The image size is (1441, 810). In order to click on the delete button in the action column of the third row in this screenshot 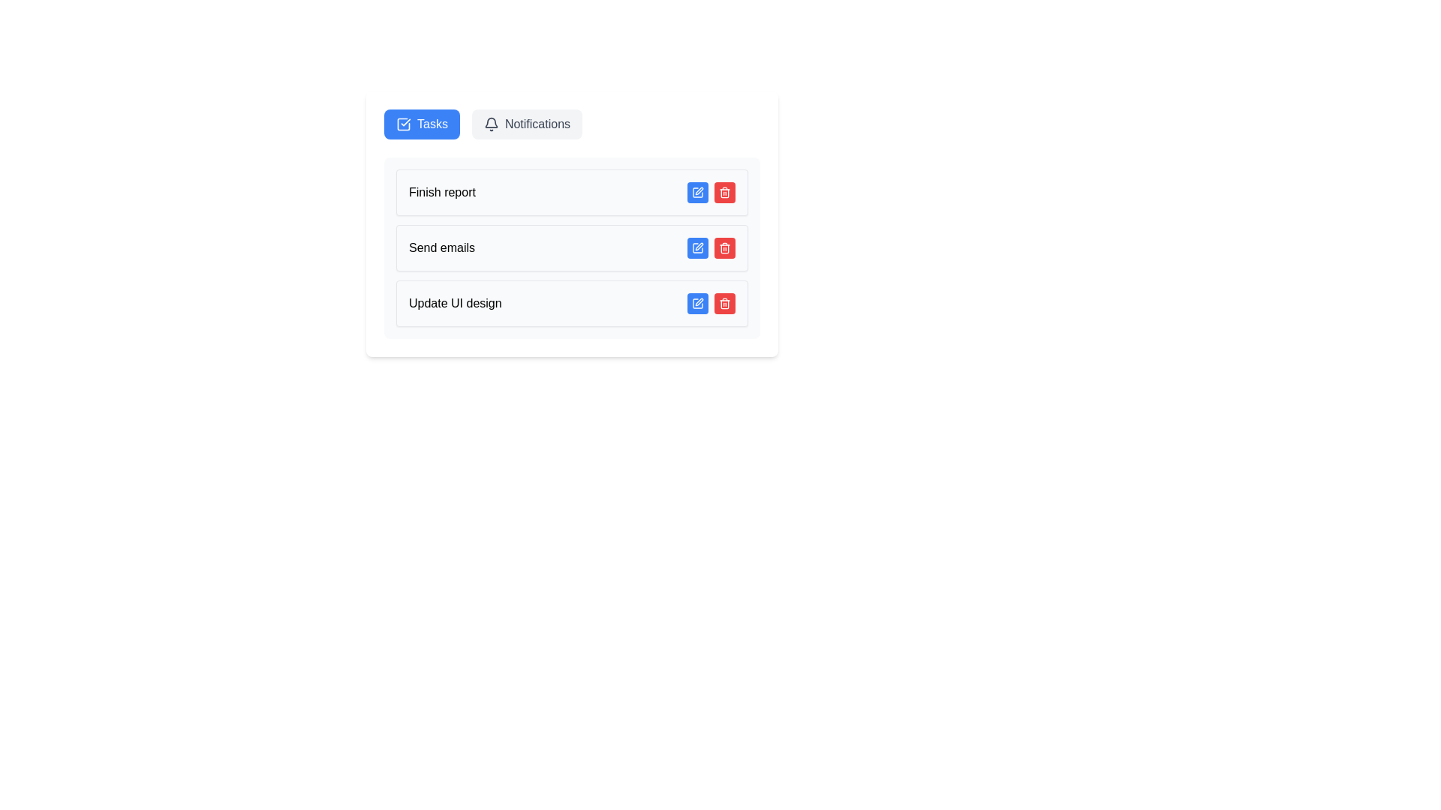, I will do `click(724, 192)`.